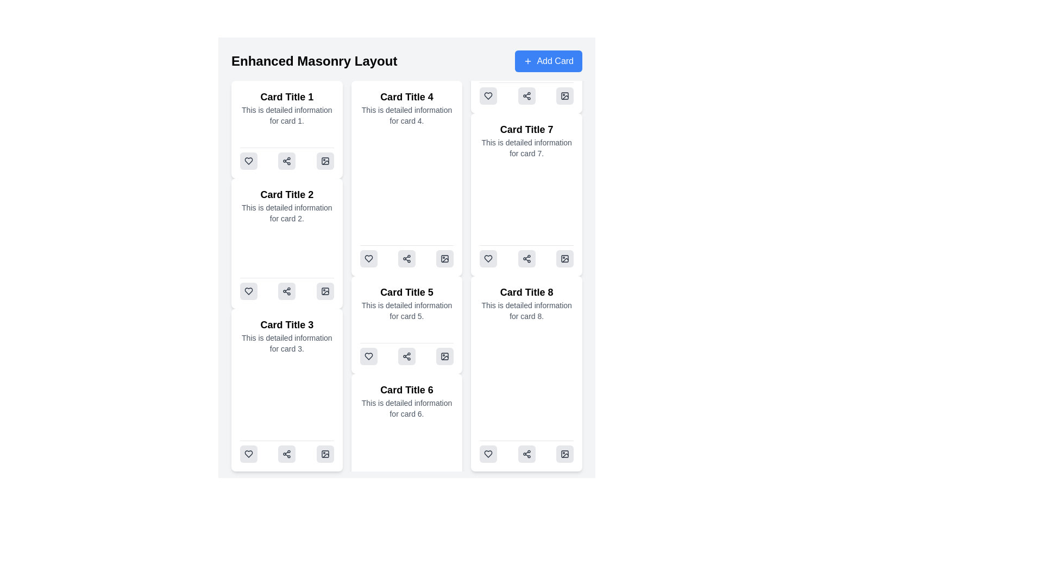 The width and height of the screenshot is (1043, 586). I want to click on the 'like' or 'favorite' button located at the top-right corner of the card labeled 'Card Title 4', so click(488, 95).